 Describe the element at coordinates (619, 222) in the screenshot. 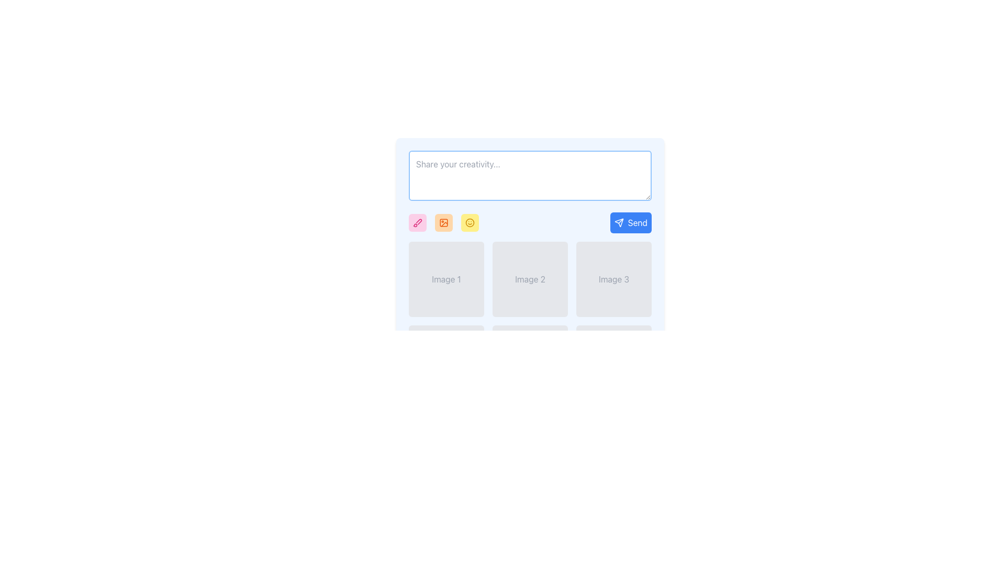

I see `the vector graphic icon representing the send action, which is embedded in the blue 'Send' button located at the top-right corner of the interface` at that location.